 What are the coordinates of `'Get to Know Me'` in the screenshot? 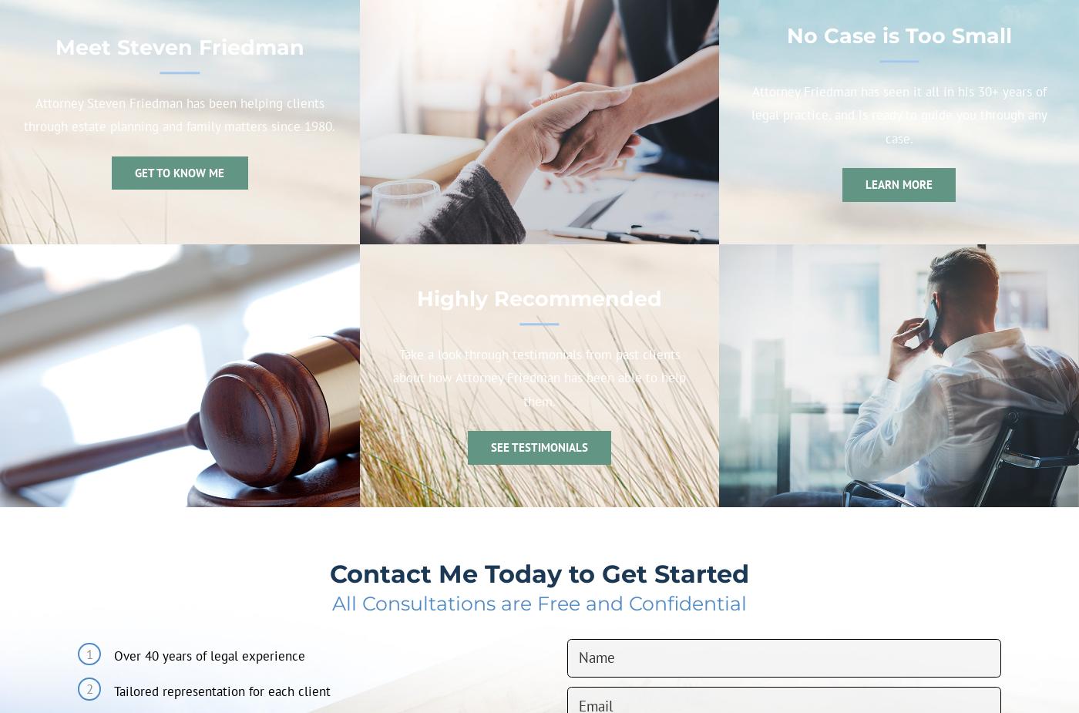 It's located at (178, 171).